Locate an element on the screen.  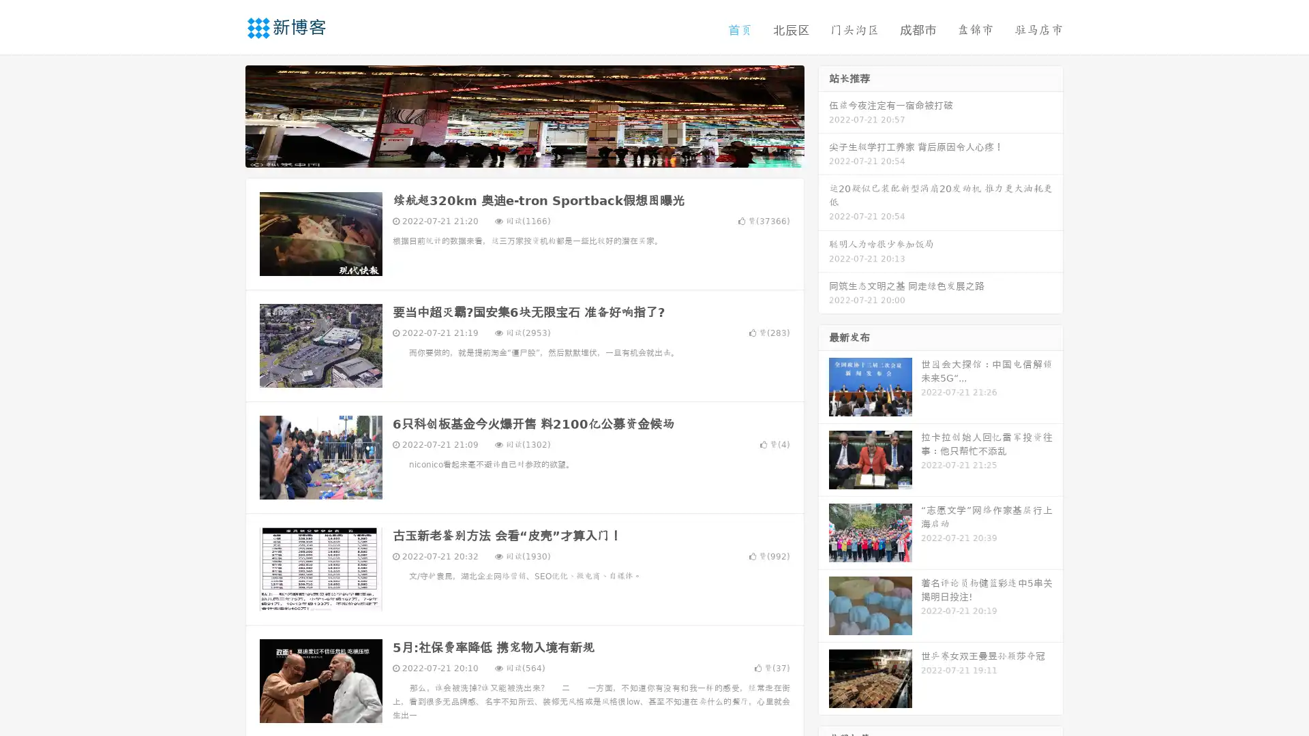
Go to slide 3 is located at coordinates (538, 153).